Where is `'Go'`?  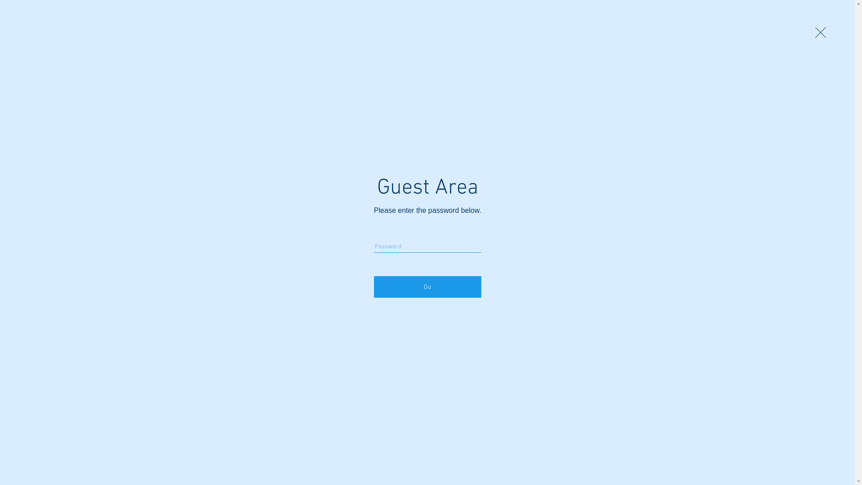
'Go' is located at coordinates (427, 287).